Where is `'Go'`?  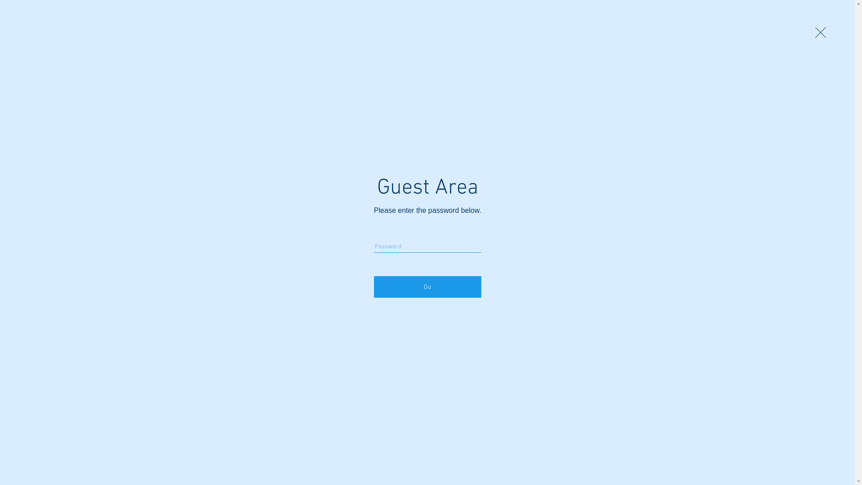
'Go' is located at coordinates (427, 287).